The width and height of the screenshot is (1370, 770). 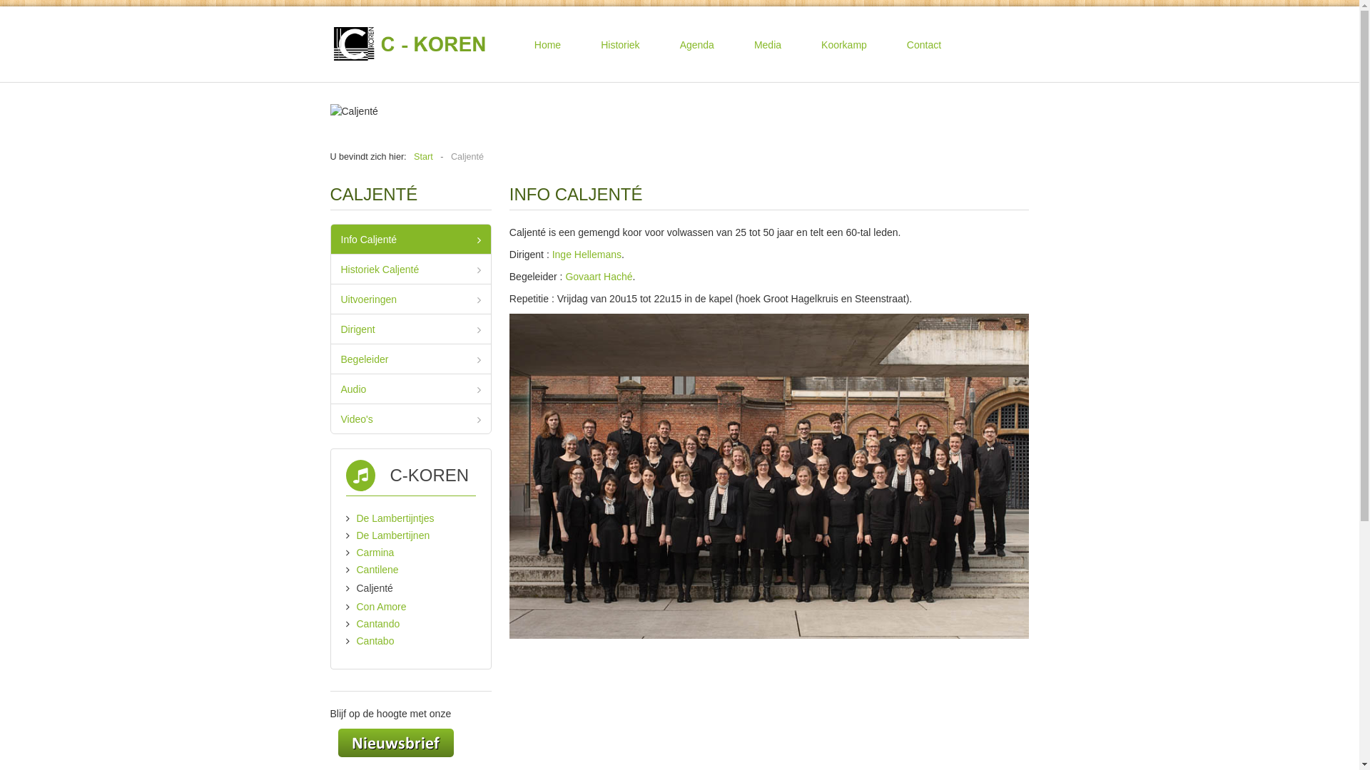 I want to click on 'Uitvoeringen', so click(x=410, y=298).